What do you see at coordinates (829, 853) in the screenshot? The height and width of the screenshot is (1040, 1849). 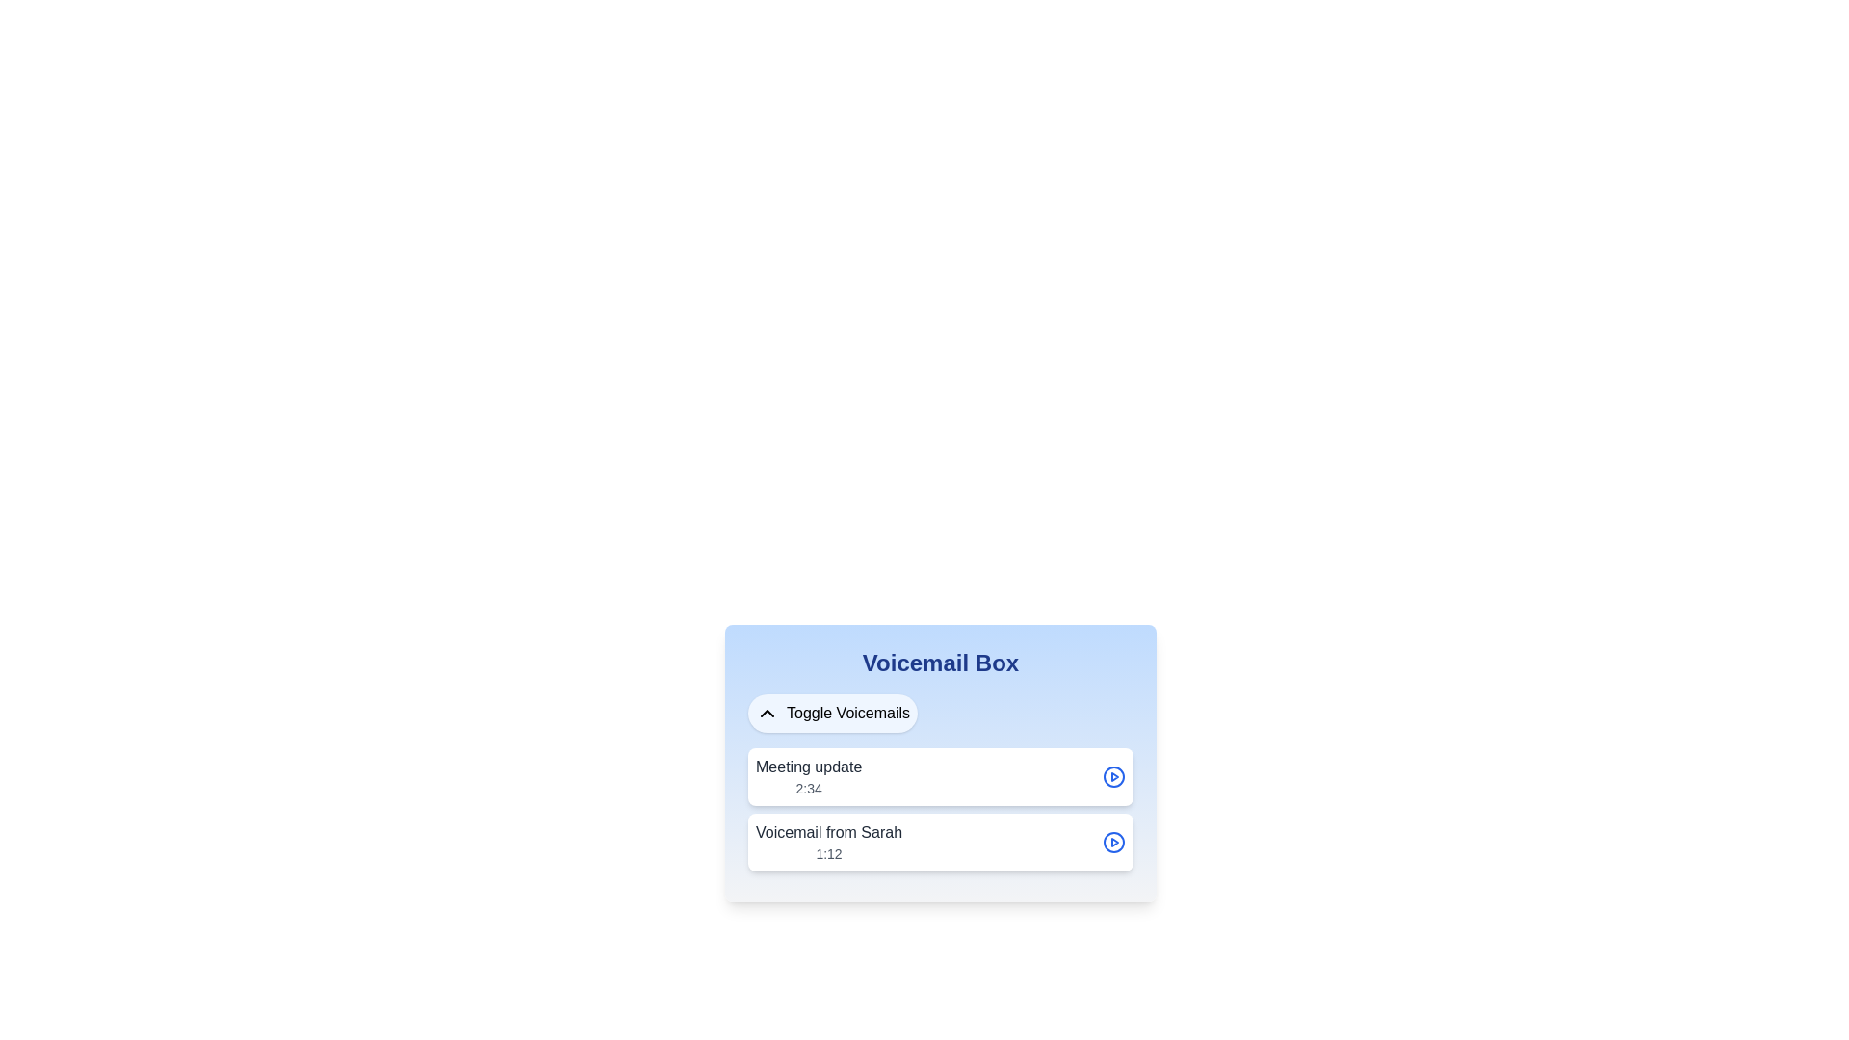 I see `the static text label displaying the time duration '1:12' in gray color, located below the primary text 'Voicemail from Sarah' in the 'Voicemail Box' interface` at bounding box center [829, 853].